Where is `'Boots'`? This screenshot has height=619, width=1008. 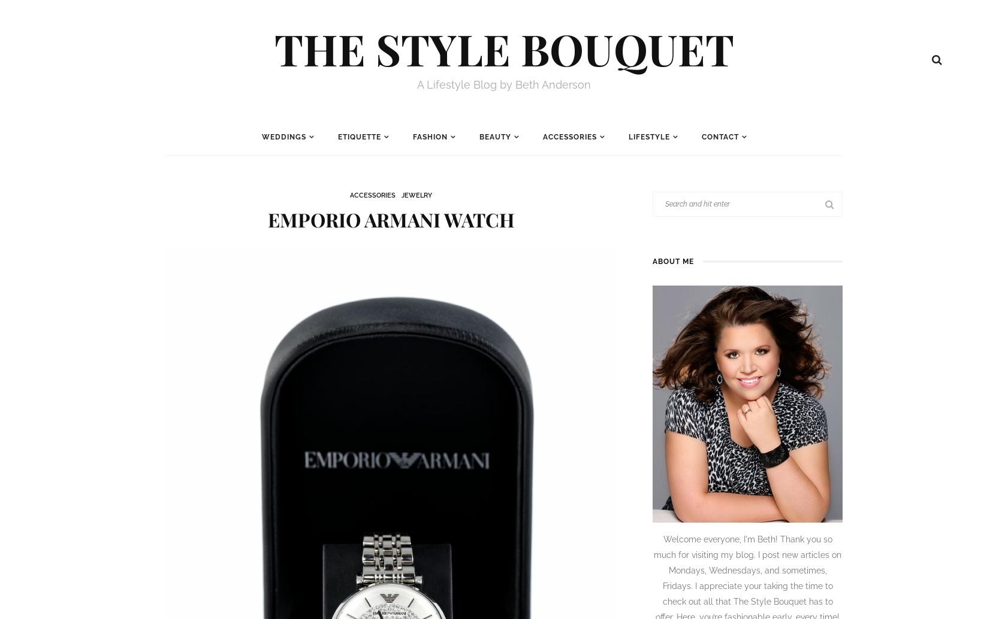
'Boots' is located at coordinates (672, 271).